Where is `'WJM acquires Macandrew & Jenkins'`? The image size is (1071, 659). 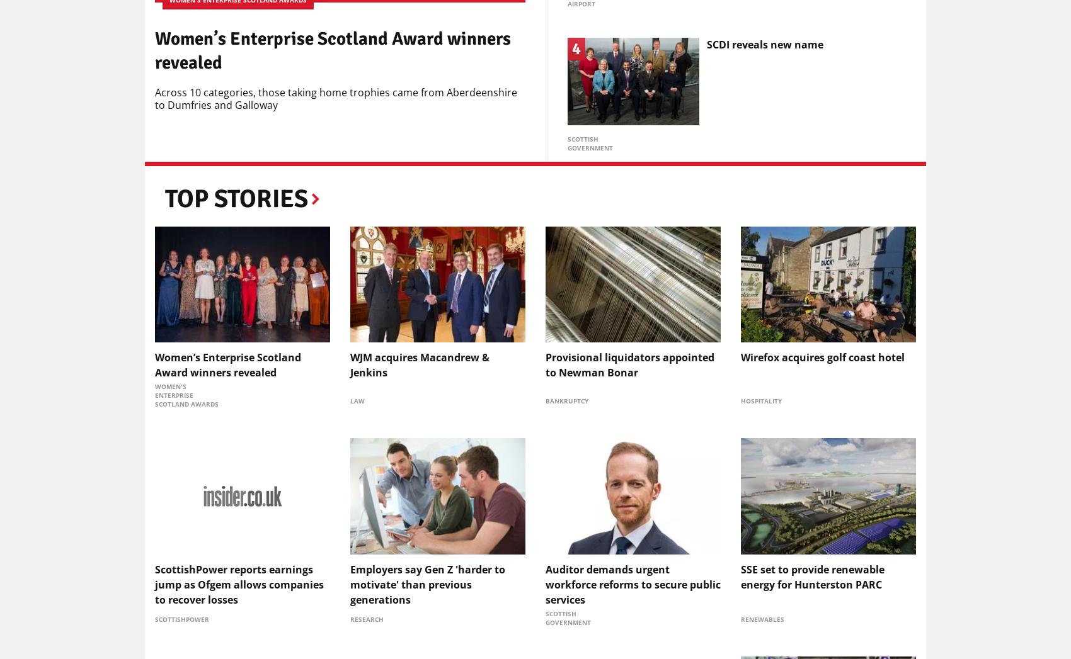 'WJM acquires Macandrew & Jenkins' is located at coordinates (350, 364).